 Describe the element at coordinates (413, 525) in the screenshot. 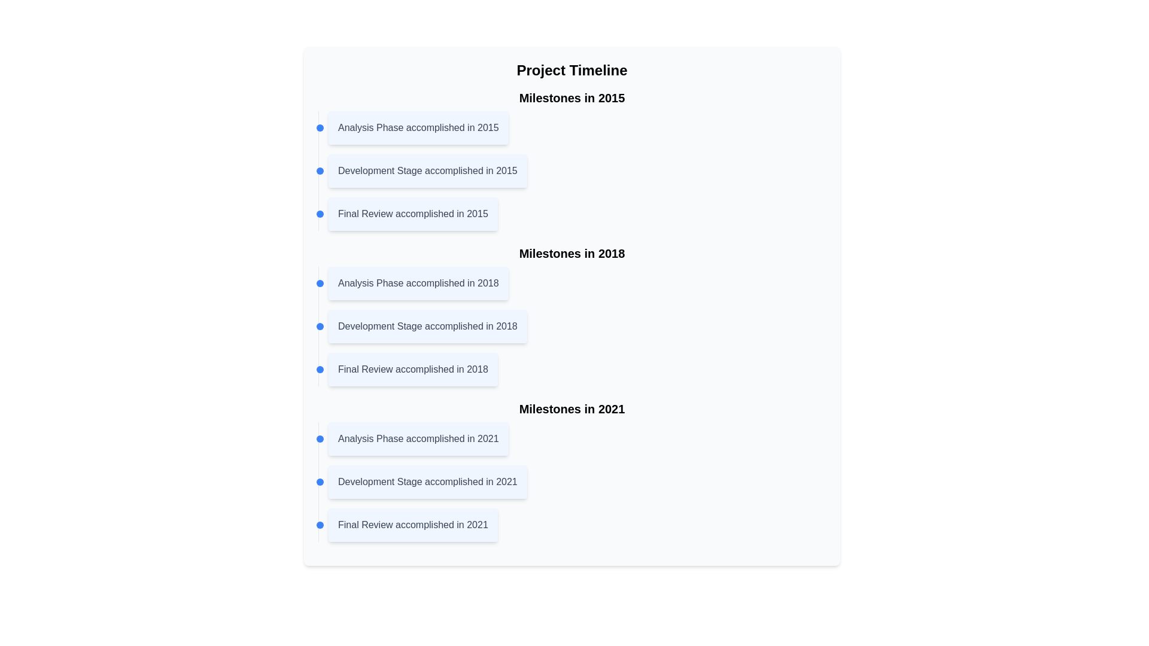

I see `the static text display component indicating the completion of the Final Review milestone for the year 2021 in the project timeline, which is the third entry under the 'Milestones in 2021' section` at that location.